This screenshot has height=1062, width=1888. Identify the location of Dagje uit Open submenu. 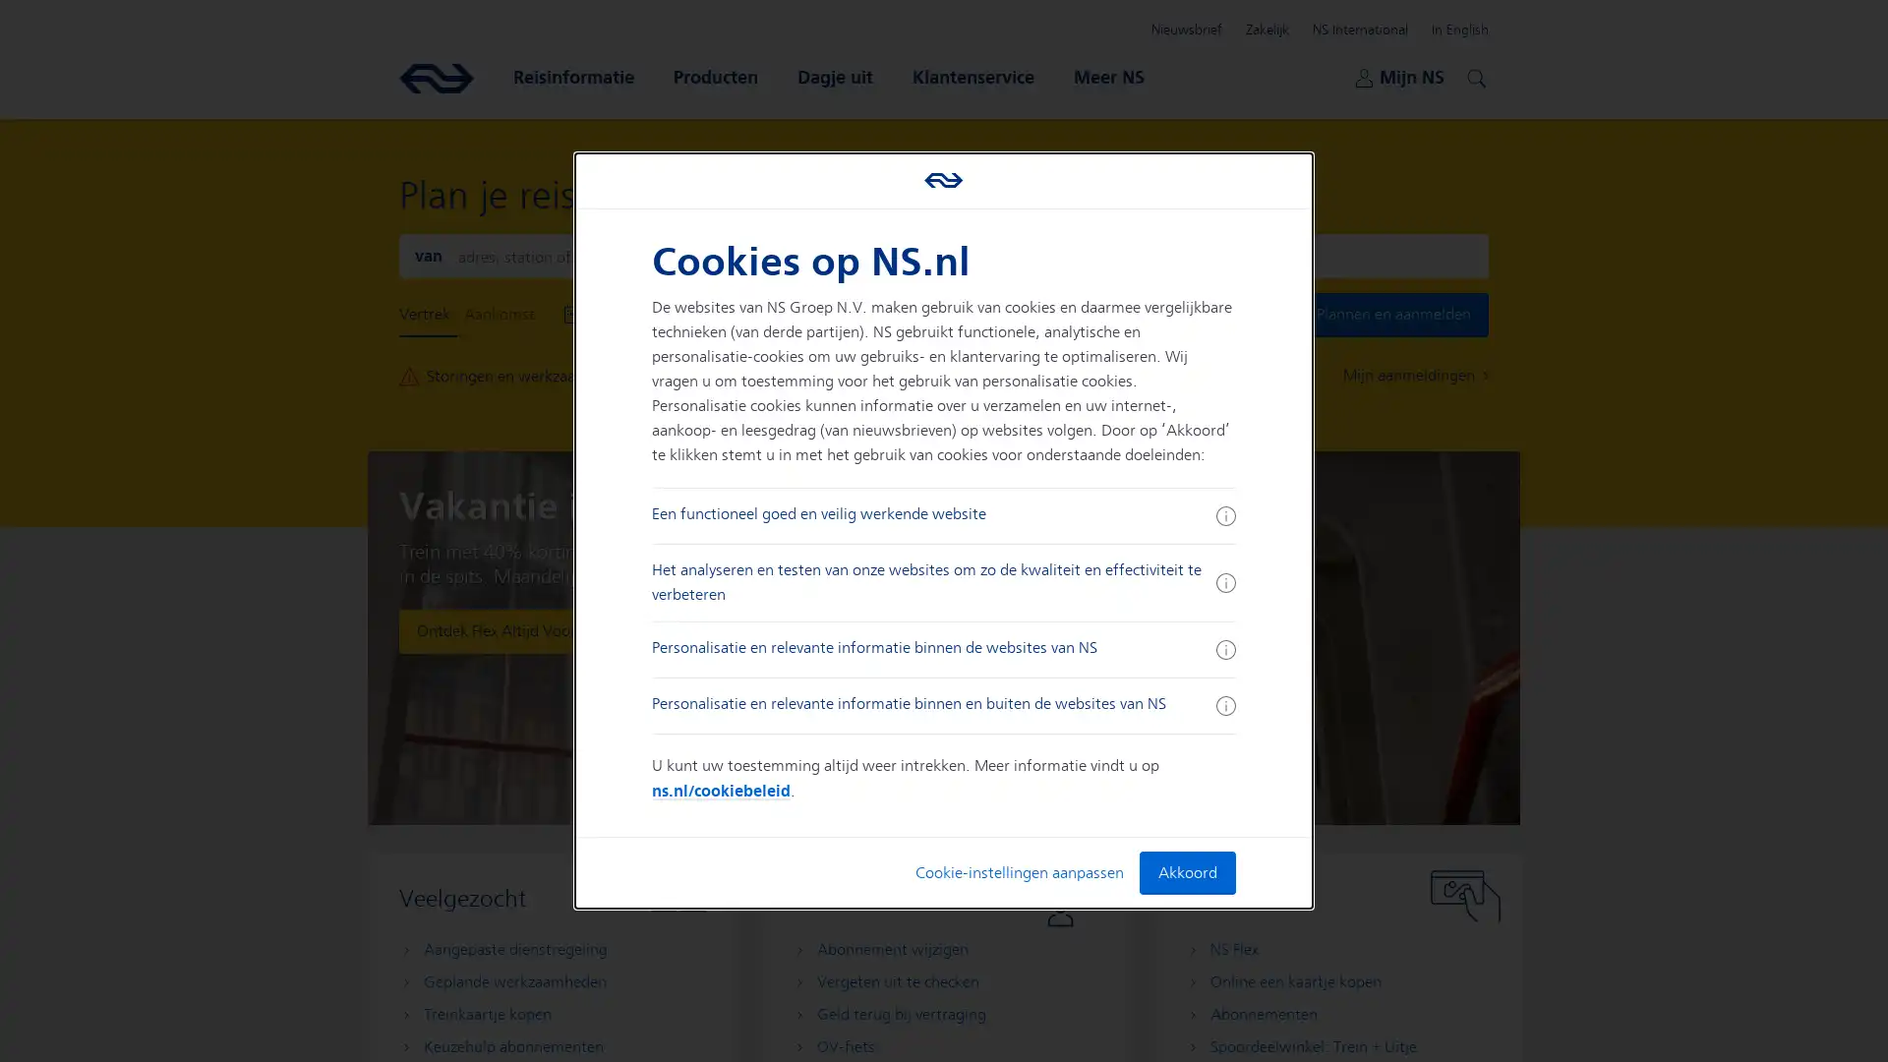
(835, 76).